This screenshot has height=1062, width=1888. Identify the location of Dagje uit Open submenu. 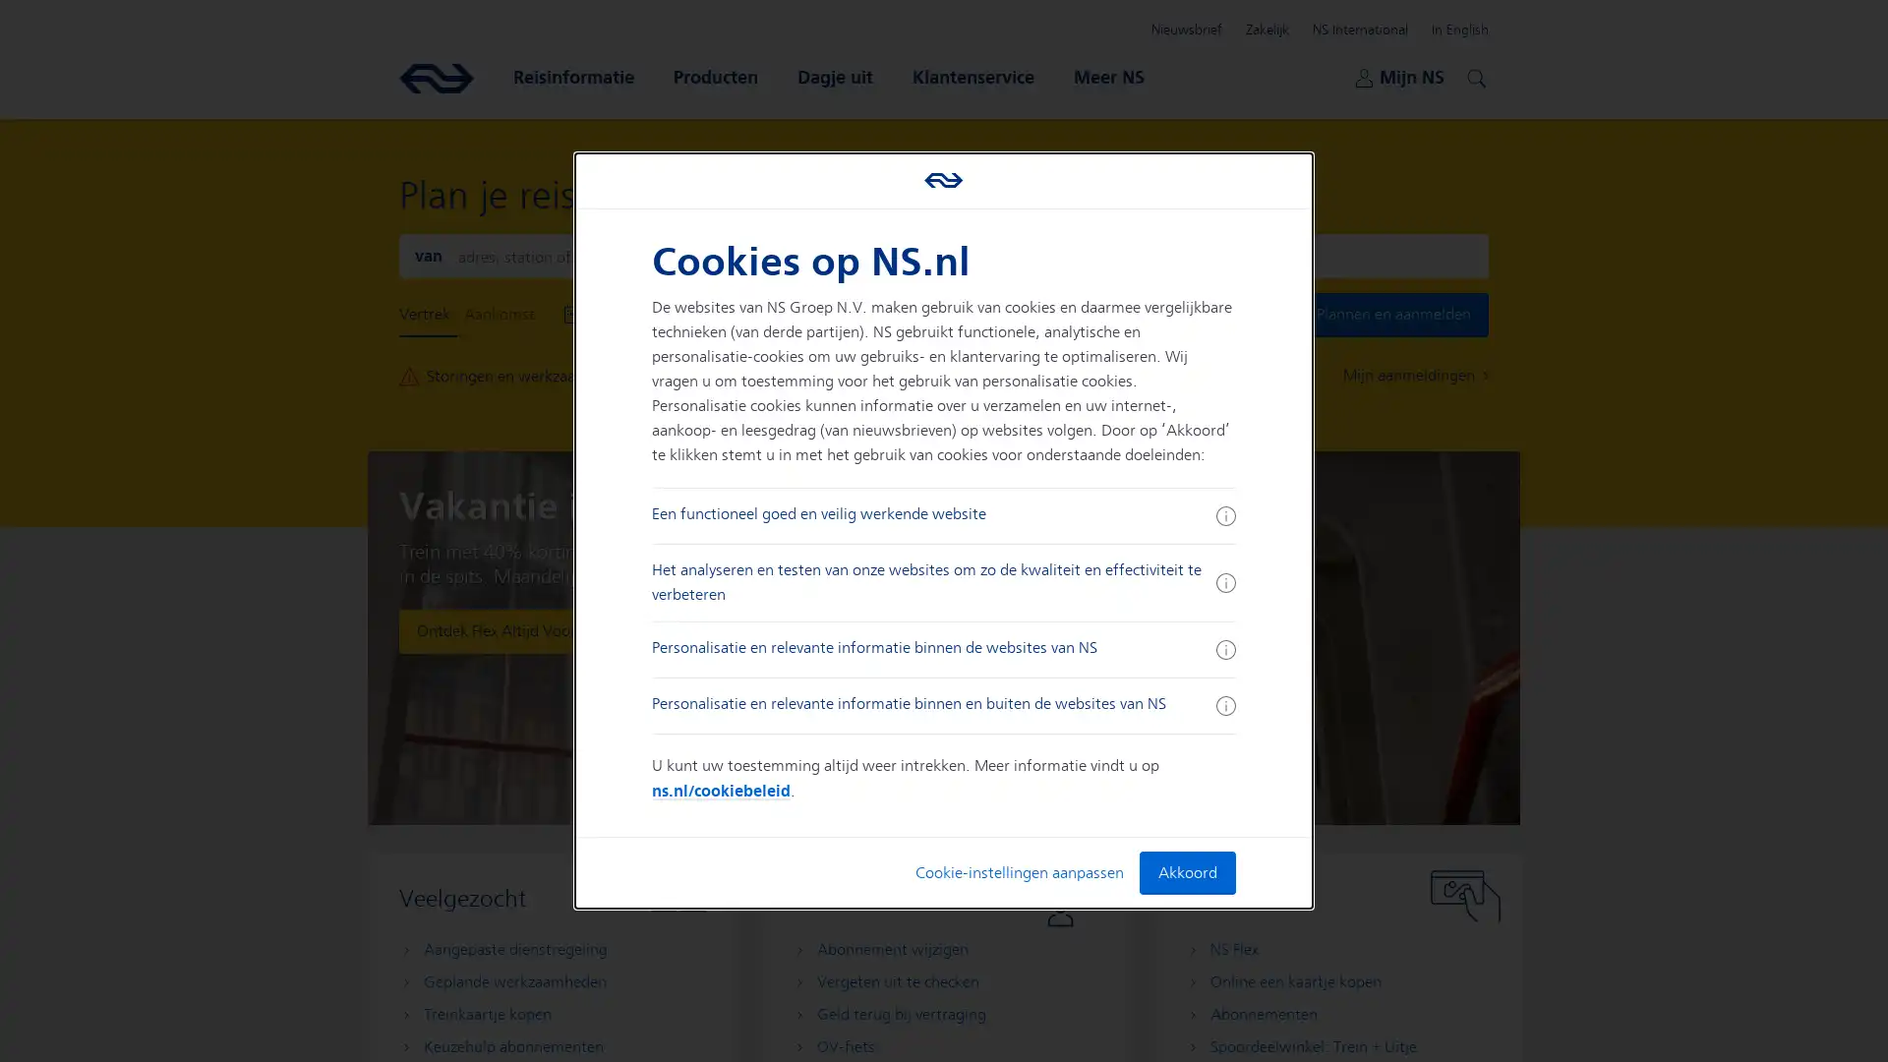
(835, 76).